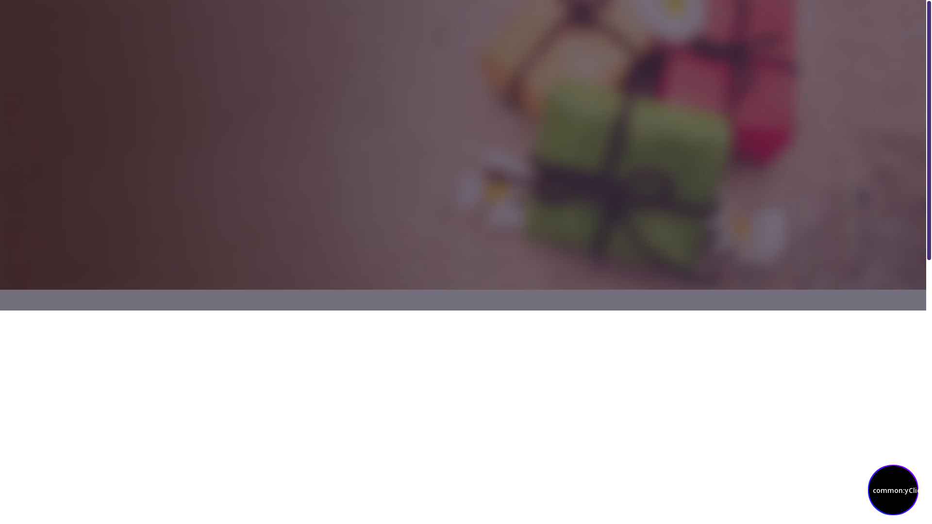 Image resolution: width=932 pixels, height=524 pixels. What do you see at coordinates (893, 490) in the screenshot?
I see `'common:yClients'` at bounding box center [893, 490].